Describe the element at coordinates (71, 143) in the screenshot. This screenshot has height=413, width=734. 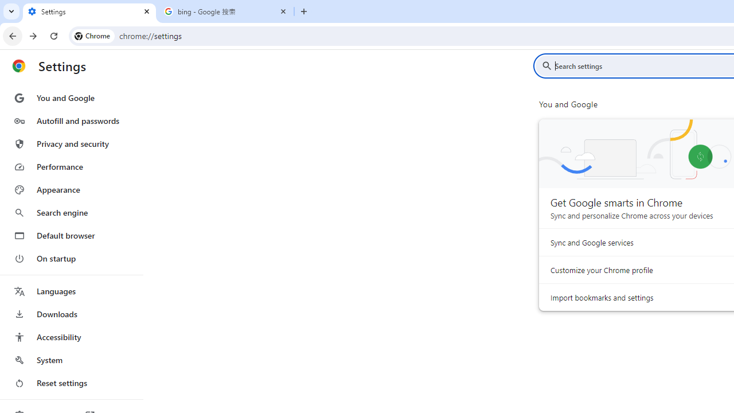
I see `'Privacy and security'` at that location.